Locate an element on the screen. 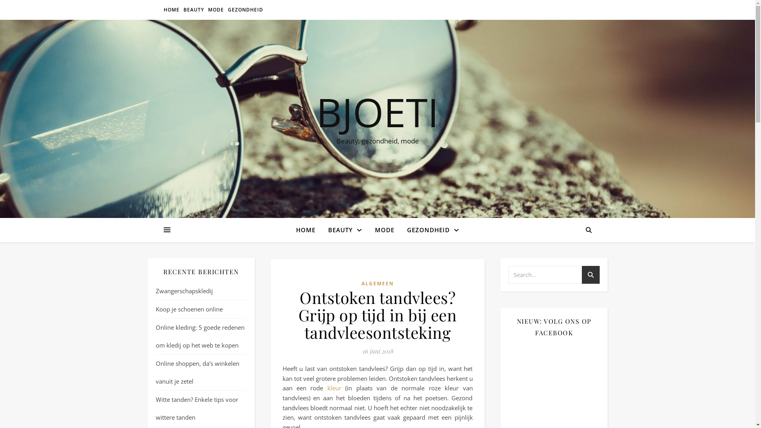  'Koop je schoenen online' is located at coordinates (188, 308).